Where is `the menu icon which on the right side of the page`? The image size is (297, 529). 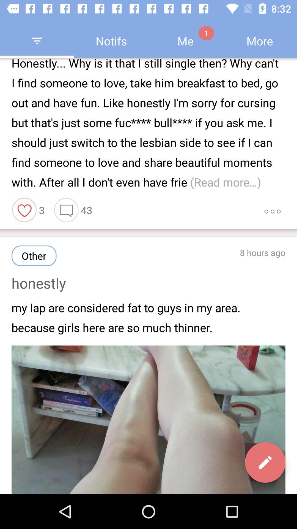 the menu icon which on the right side of the page is located at coordinates (273, 210).